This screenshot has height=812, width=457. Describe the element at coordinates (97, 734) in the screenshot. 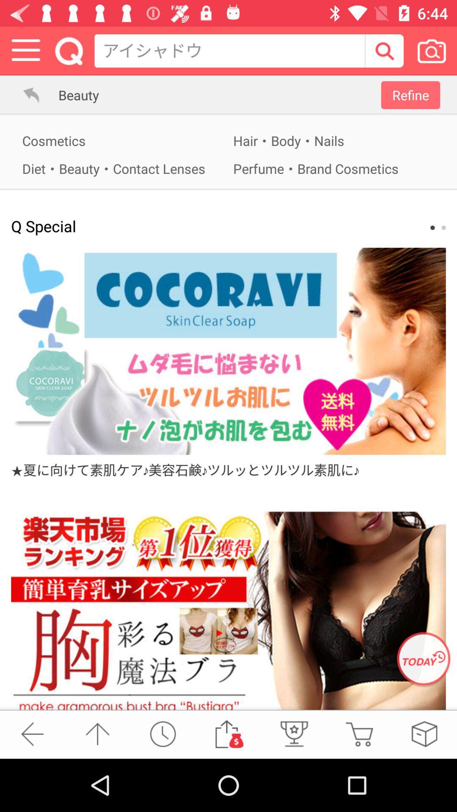

I see `the second option from the bottom which is in  above back arrow` at that location.